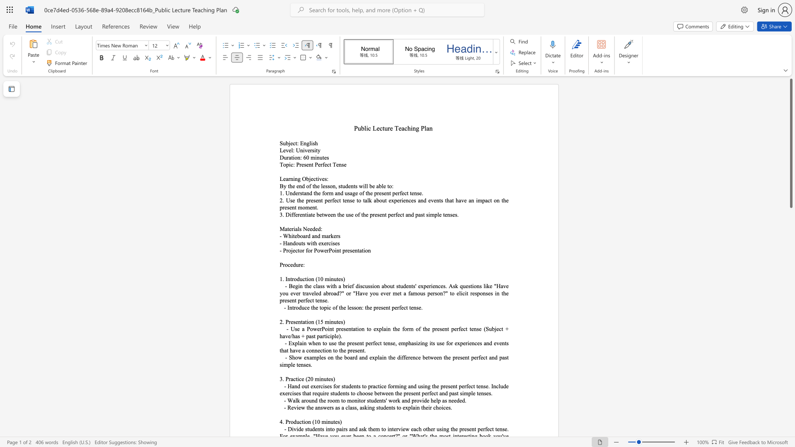  I want to click on the subset text "orm of the present perfect tense (Su" within the text "- Use a PowerPoint presentation to explain the form of the present perfect tense (Subject + have/has + past participle).", so click(404, 328).